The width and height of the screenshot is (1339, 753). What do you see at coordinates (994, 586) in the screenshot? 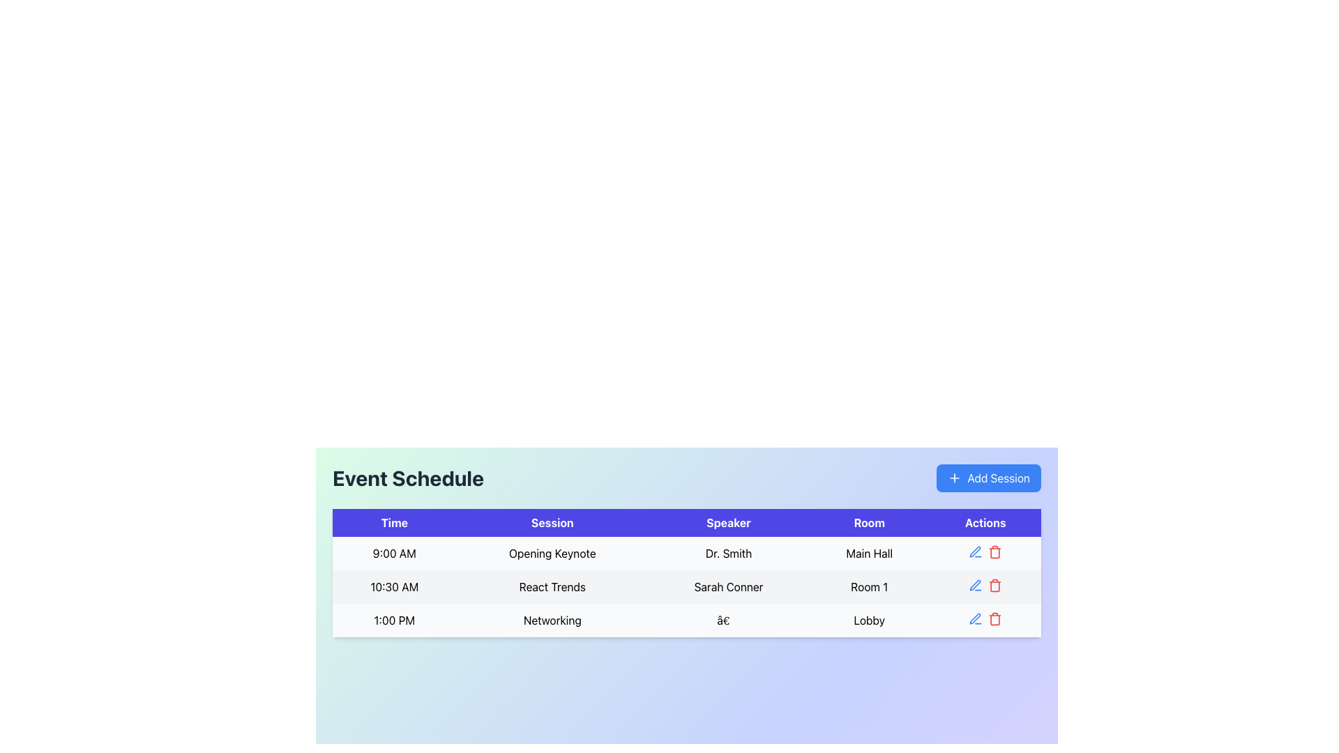
I see `the trash can icon located in the 'Actions' column of the second row in the 'Event Schedule' table` at bounding box center [994, 586].